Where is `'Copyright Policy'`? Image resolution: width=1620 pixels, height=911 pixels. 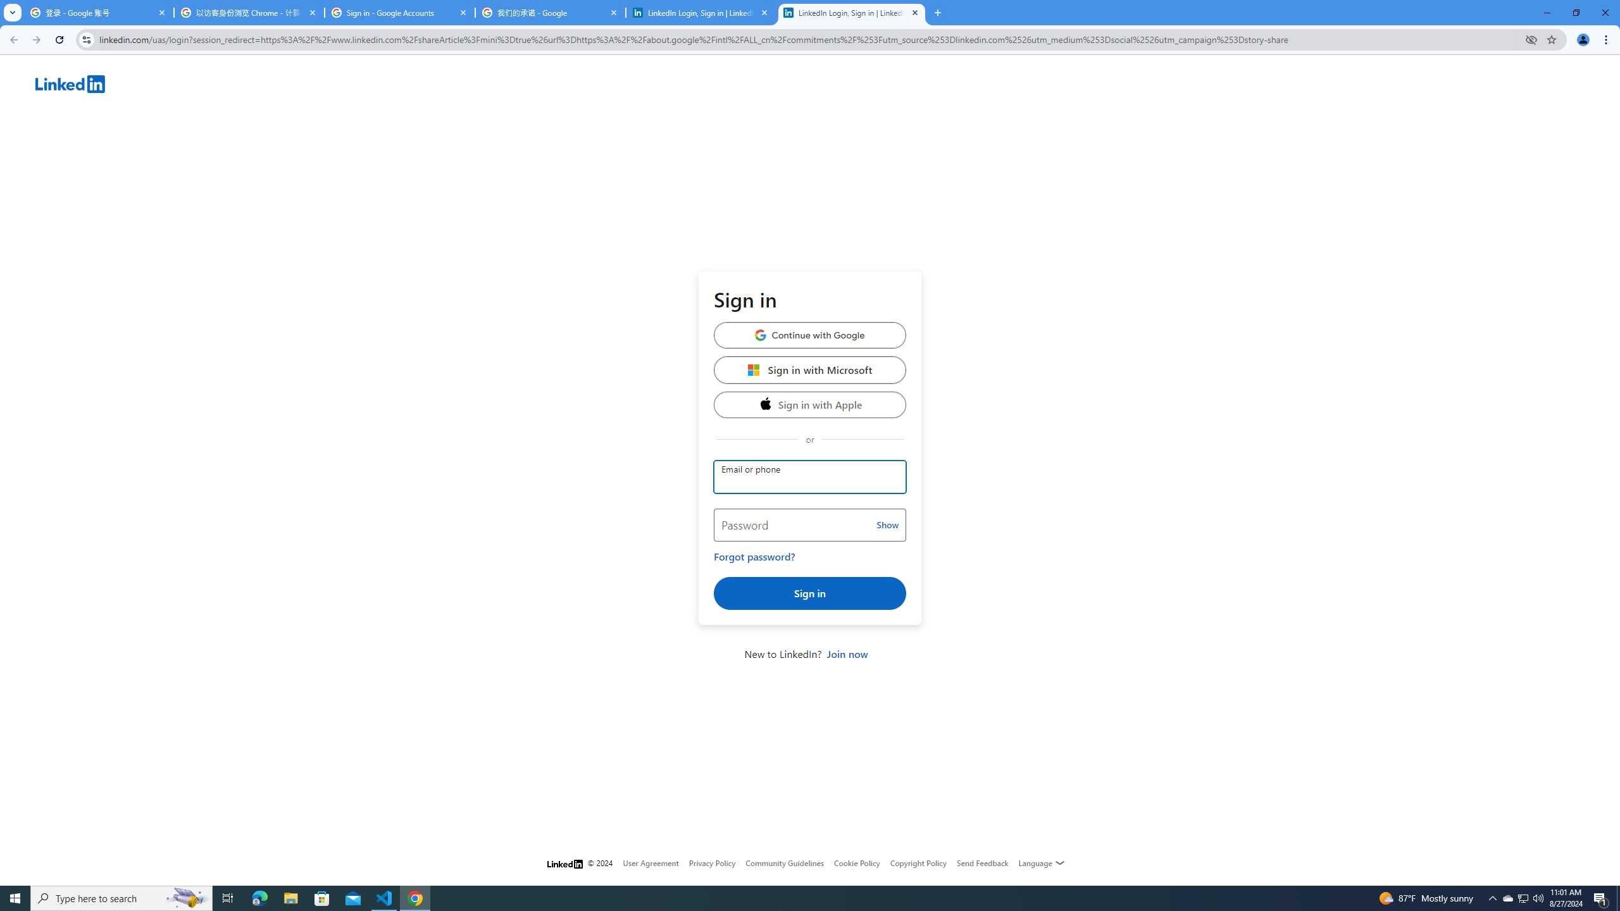
'Copyright Policy' is located at coordinates (918, 862).